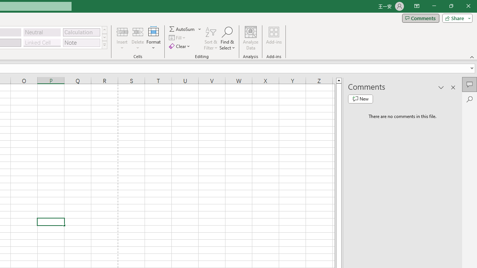 The height and width of the screenshot is (268, 477). Describe the element at coordinates (122, 31) in the screenshot. I see `'Insert Cells'` at that location.